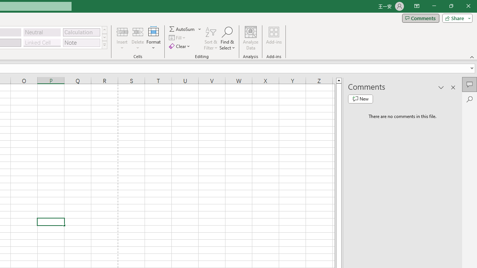 The height and width of the screenshot is (268, 477). Describe the element at coordinates (122, 31) in the screenshot. I see `'Insert Cells'` at that location.